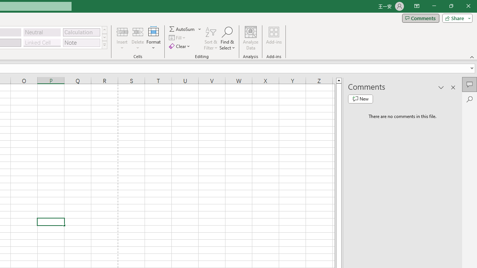 The height and width of the screenshot is (268, 477). Describe the element at coordinates (122, 31) in the screenshot. I see `'Insert Cells'` at that location.